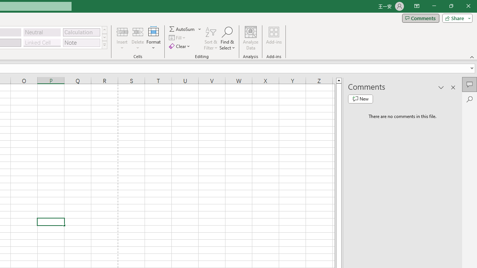 The height and width of the screenshot is (268, 477). Describe the element at coordinates (122, 31) in the screenshot. I see `'Insert Cells'` at that location.